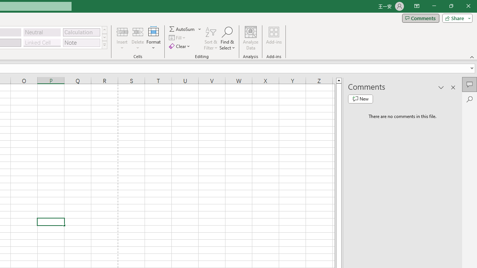 The height and width of the screenshot is (268, 477). Describe the element at coordinates (122, 31) in the screenshot. I see `'Insert Cells'` at that location.